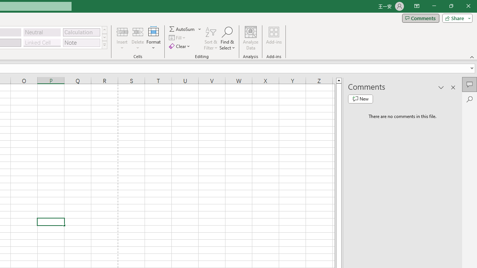 The height and width of the screenshot is (268, 477). Describe the element at coordinates (122, 31) in the screenshot. I see `'Insert Cells'` at that location.